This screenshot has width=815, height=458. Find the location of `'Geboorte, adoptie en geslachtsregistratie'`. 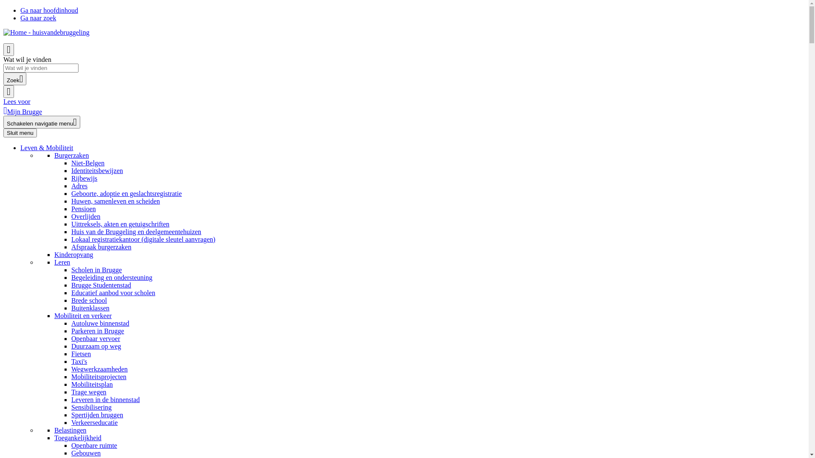

'Geboorte, adoptie en geslachtsregistratie' is located at coordinates (126, 193).